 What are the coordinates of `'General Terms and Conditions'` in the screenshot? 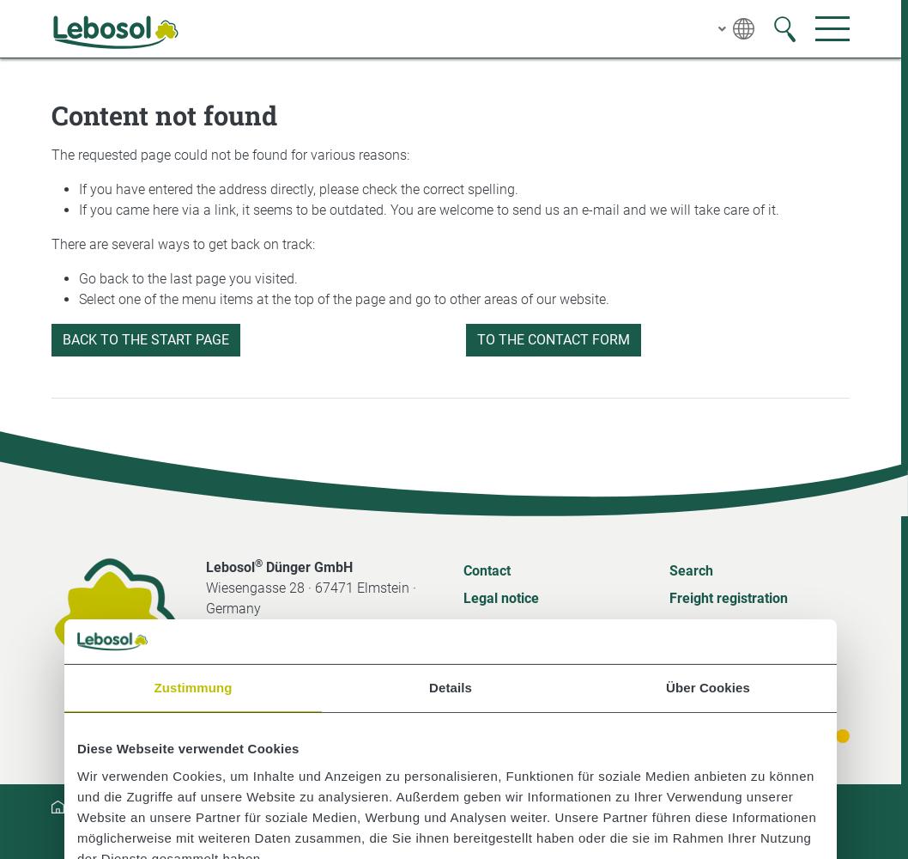 It's located at (522, 663).